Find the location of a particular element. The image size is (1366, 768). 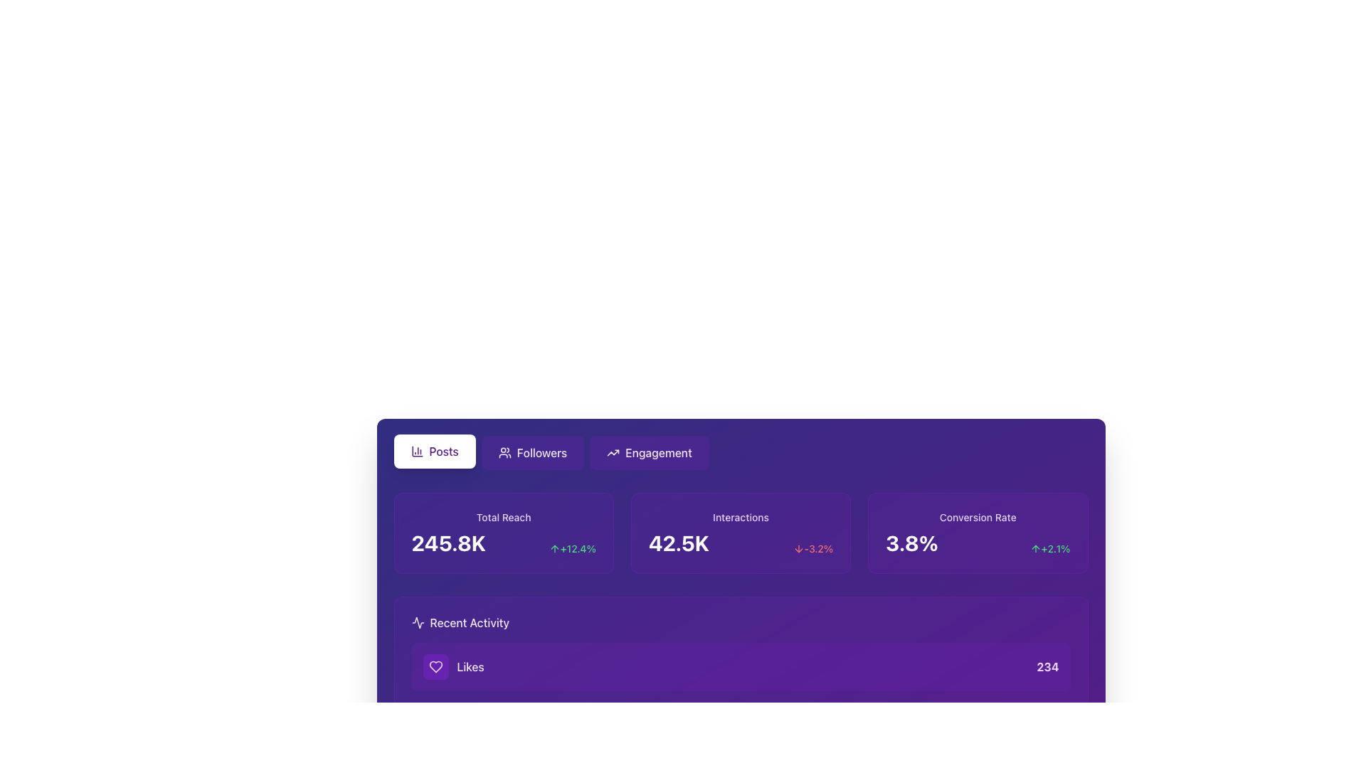

the rightmost navigation button in the group of three buttons is located at coordinates (648, 452).